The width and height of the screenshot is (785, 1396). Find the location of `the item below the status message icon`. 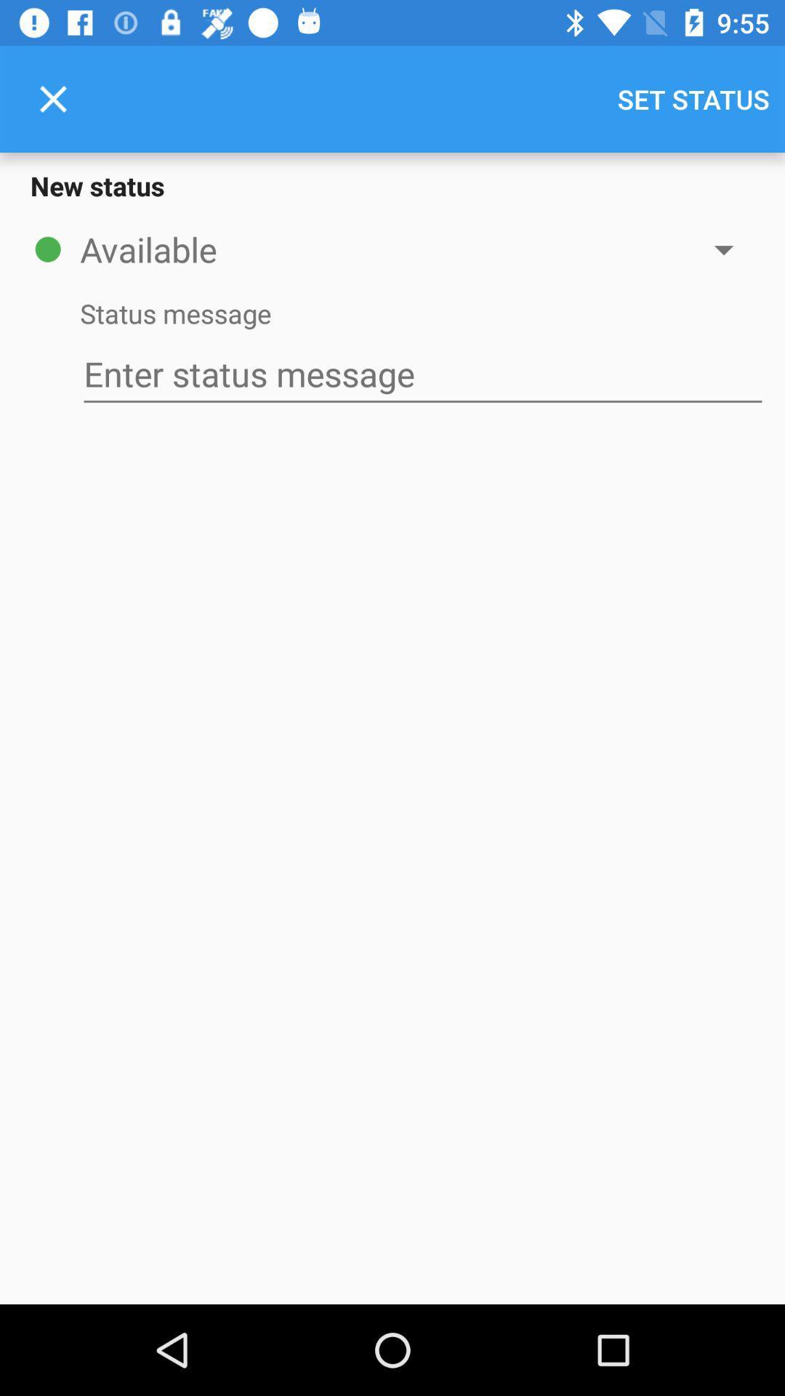

the item below the status message icon is located at coordinates (423, 374).